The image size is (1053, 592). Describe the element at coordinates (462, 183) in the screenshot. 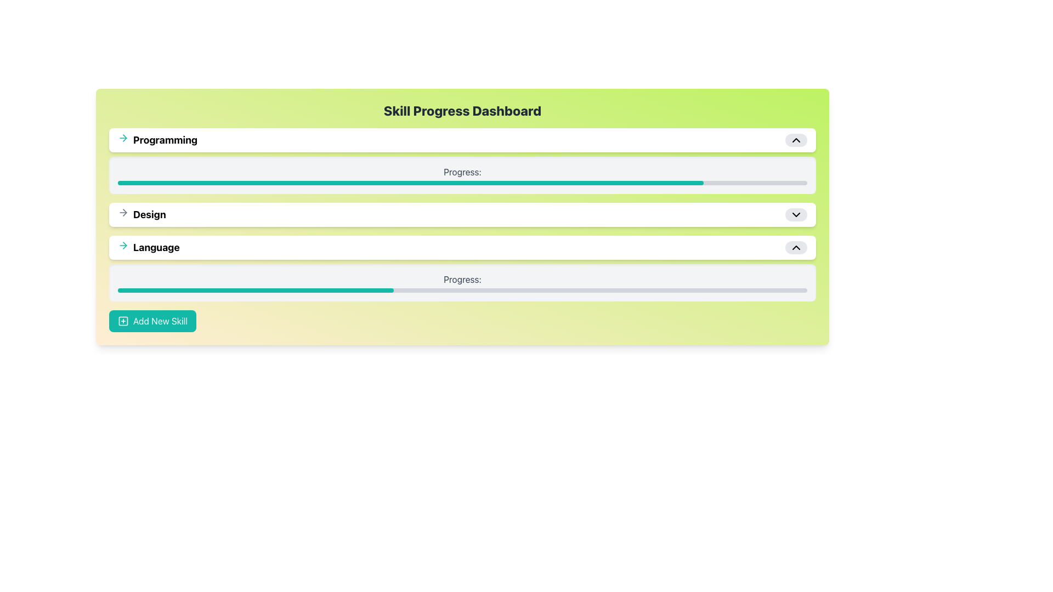

I see `the horizontal progress bar with a gray background and teal inner bar, located in the 'Progress:' section of the 'Programming' category` at that location.